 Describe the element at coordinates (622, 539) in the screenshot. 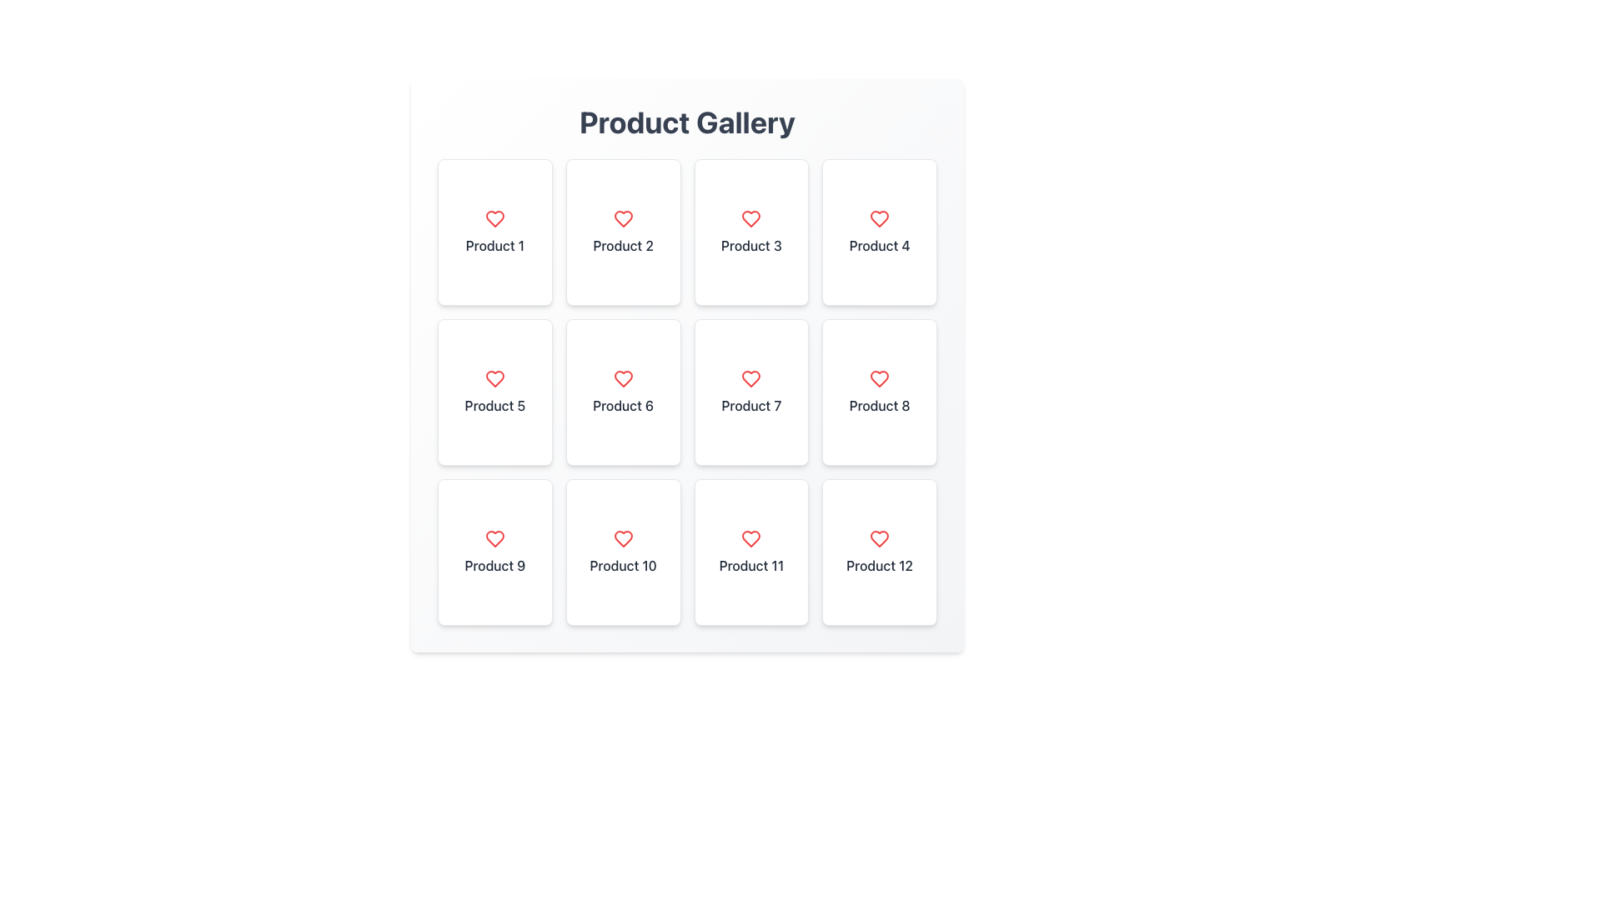

I see `the heart icon` at that location.